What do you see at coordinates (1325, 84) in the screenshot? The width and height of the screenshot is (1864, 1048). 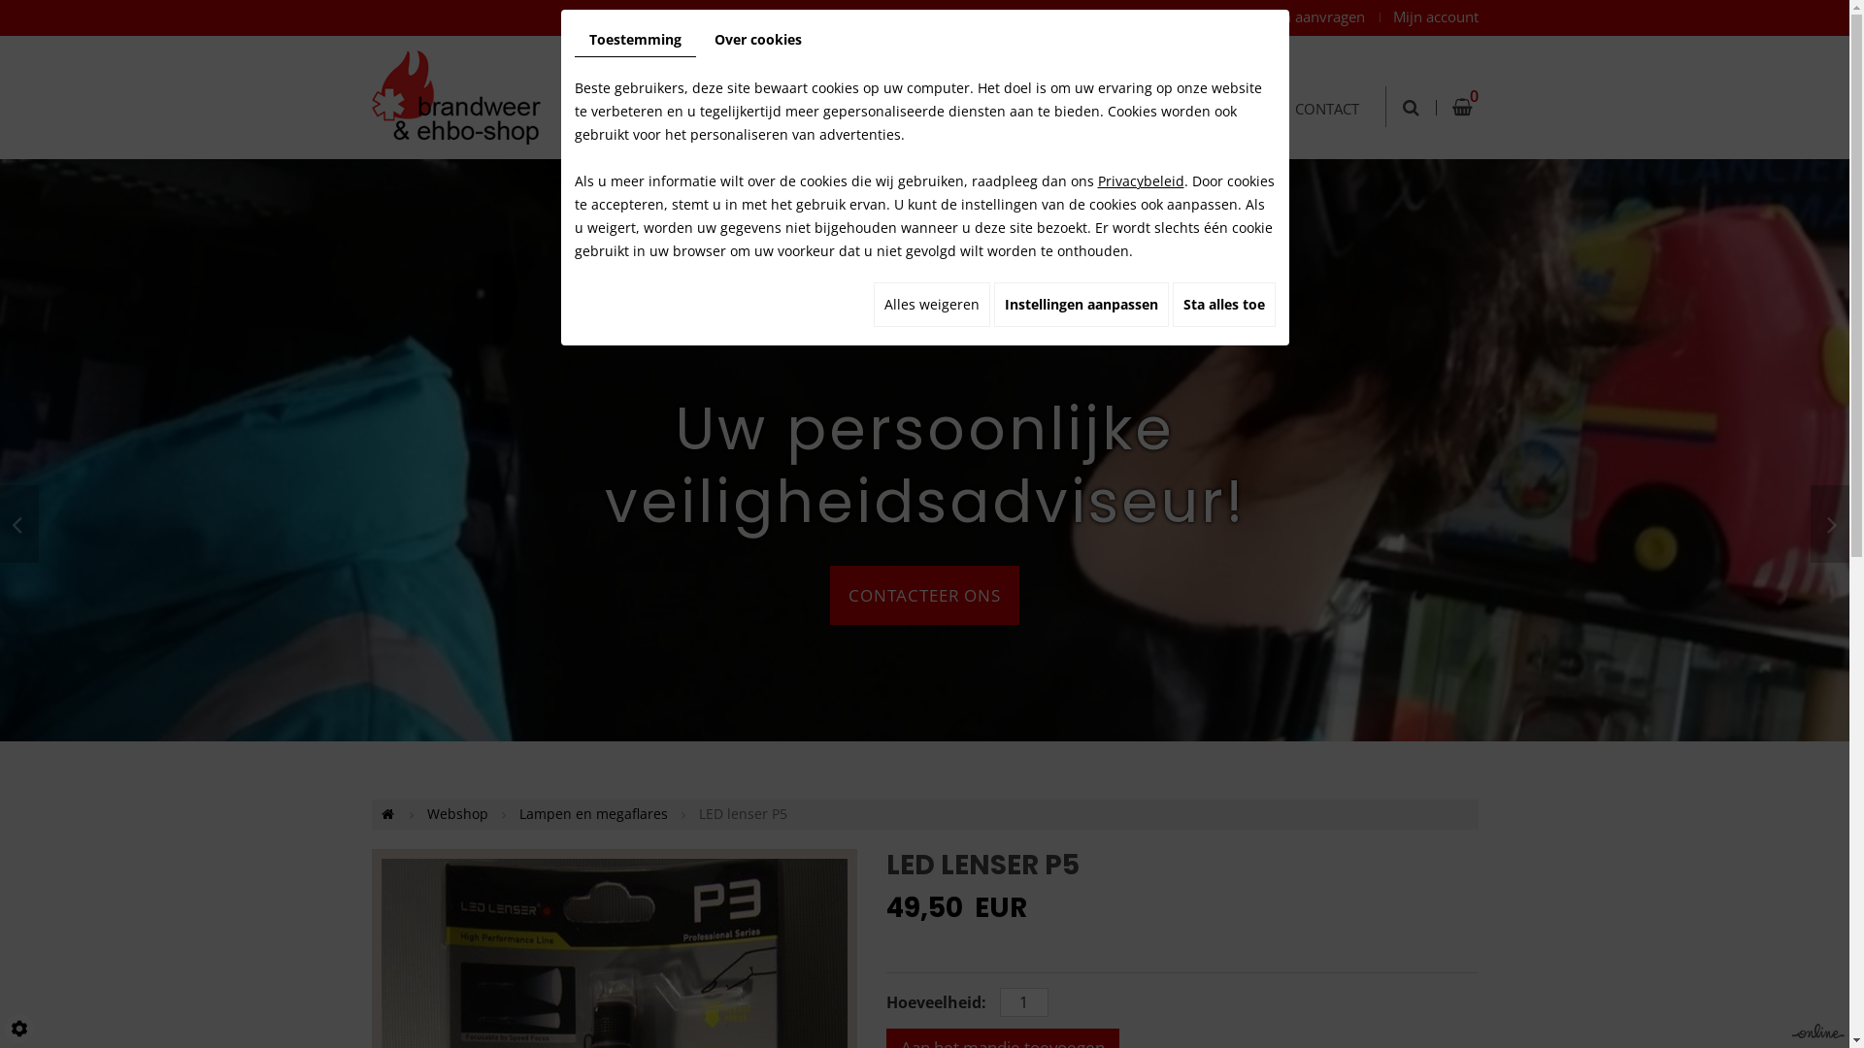 I see `'CONTACT'` at bounding box center [1325, 84].